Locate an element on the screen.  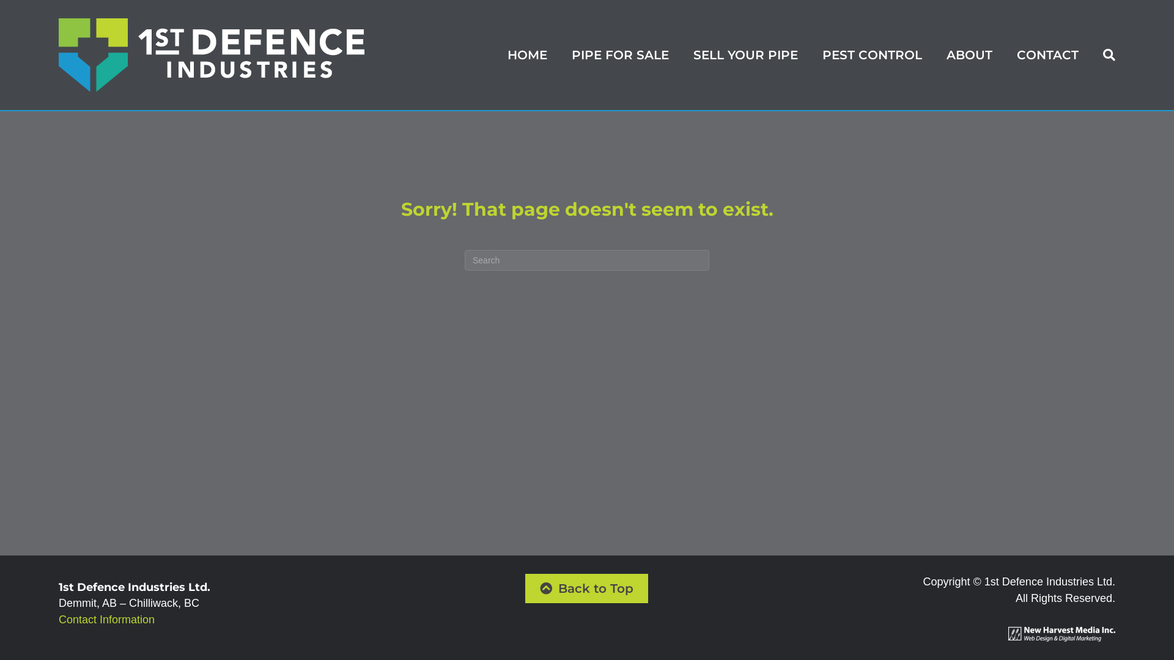
'PIPE FOR SALE' is located at coordinates (620, 54).